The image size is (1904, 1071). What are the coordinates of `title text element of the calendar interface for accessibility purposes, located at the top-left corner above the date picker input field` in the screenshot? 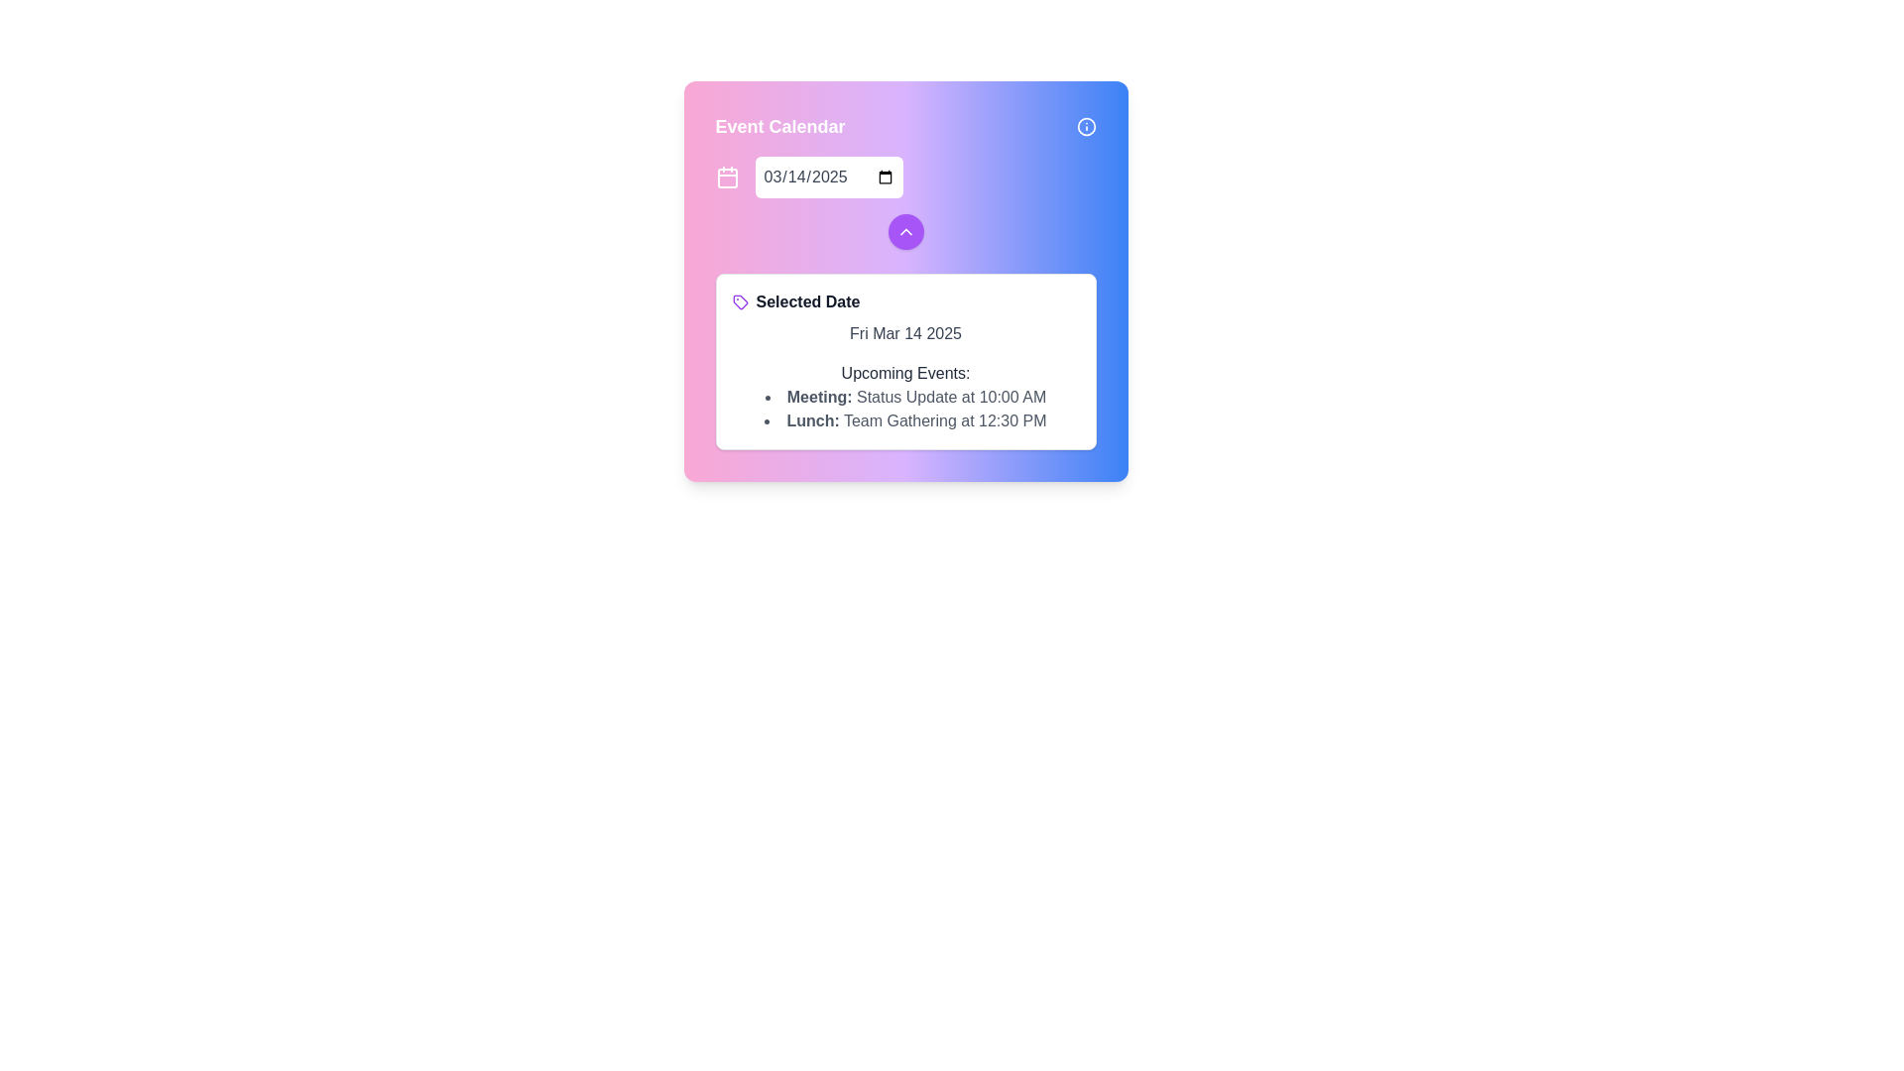 It's located at (779, 126).